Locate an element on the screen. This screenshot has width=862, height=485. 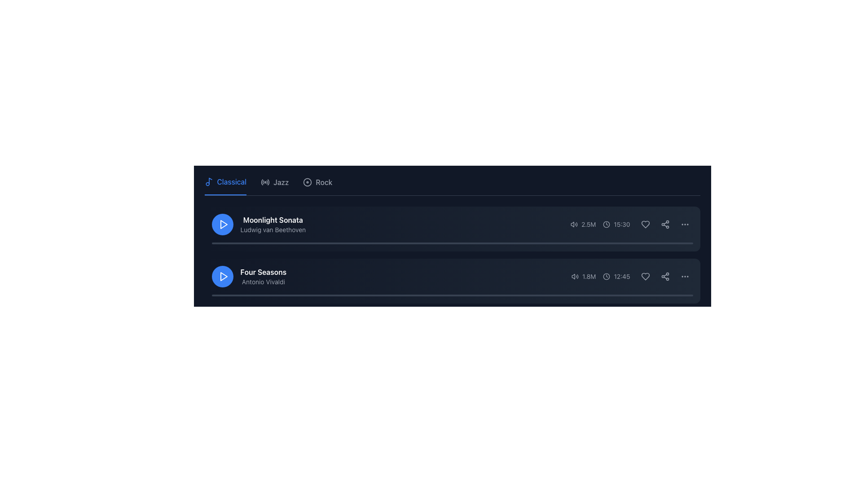
the Information display module that shows metadata about a music track, including the number of listens and duration, located in the lower-right corner of the track's list item is located at coordinates (632, 276).